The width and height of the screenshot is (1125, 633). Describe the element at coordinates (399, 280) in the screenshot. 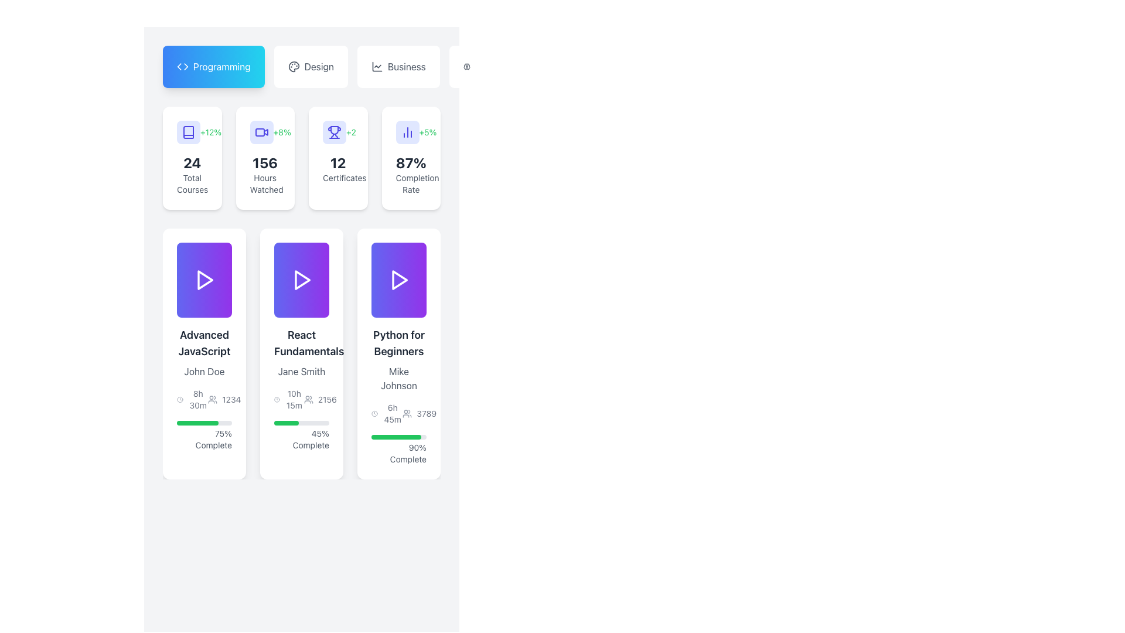

I see `the triangular play icon styled as an SVG graphic with a gradient purple-to-indigo background, located within the third card labeled 'Python for Beginners'` at that location.